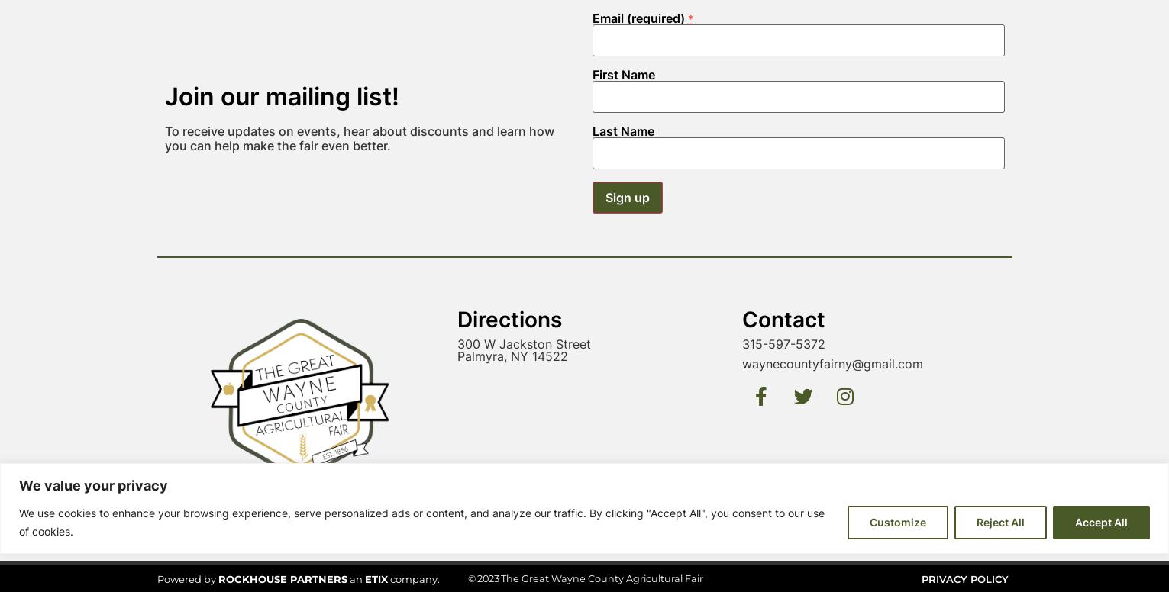 The width and height of the screenshot is (1169, 592). Describe the element at coordinates (476, 365) in the screenshot. I see `'2023'` at that location.